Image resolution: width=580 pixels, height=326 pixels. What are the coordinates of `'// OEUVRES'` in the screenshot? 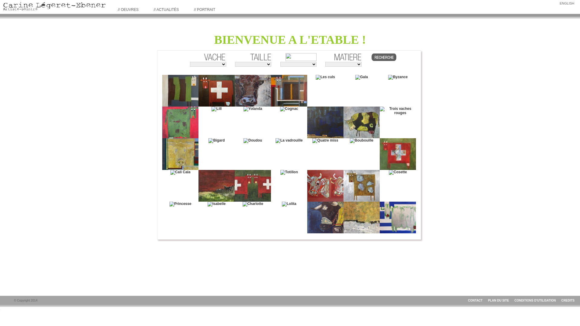 It's located at (128, 9).